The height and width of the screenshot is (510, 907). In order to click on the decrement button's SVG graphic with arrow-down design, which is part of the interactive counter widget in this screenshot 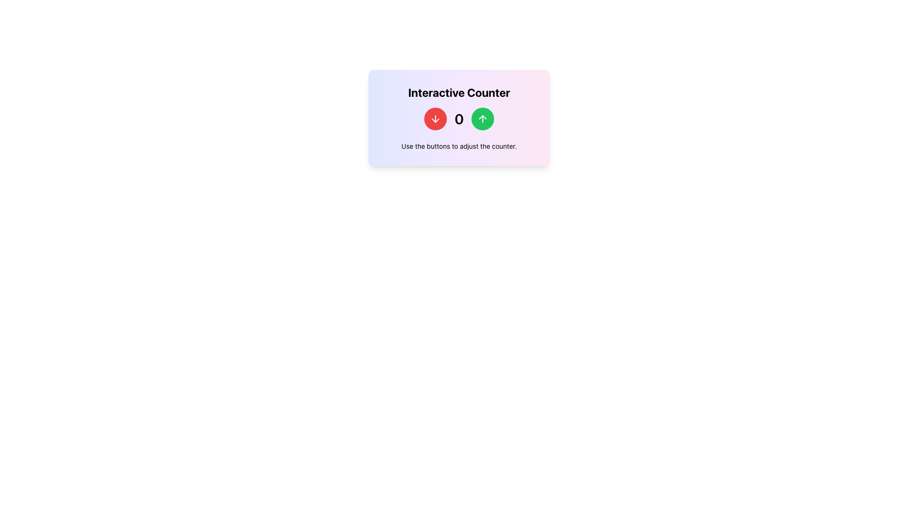, I will do `click(435, 118)`.